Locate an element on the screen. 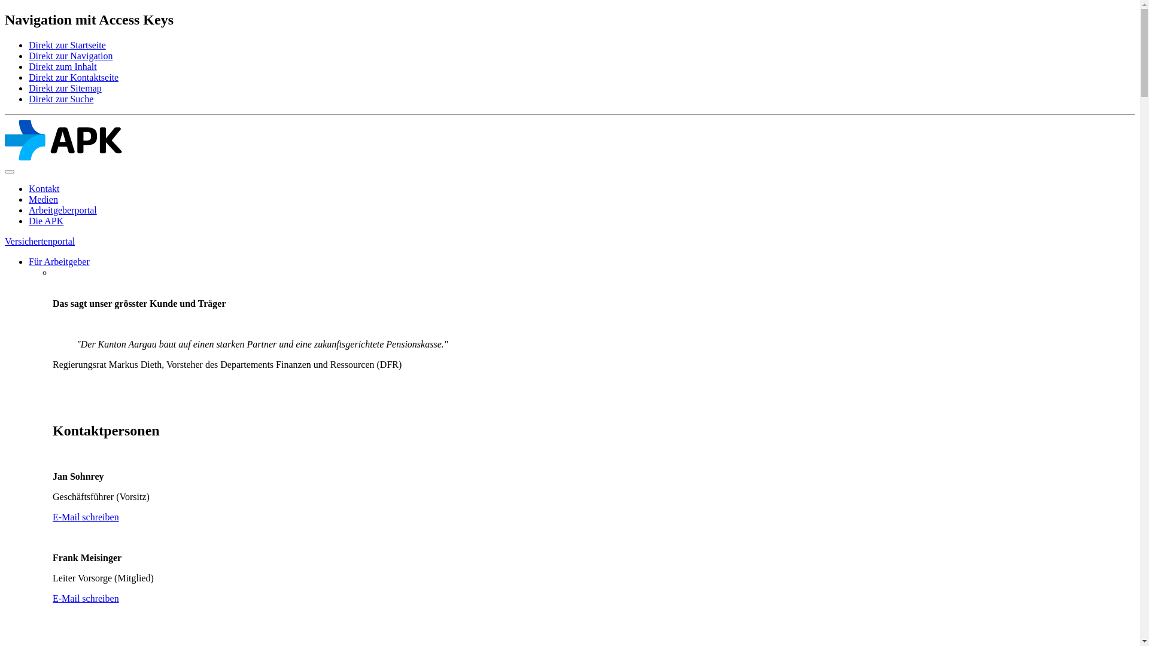 This screenshot has height=646, width=1149. 'E-Mail schreiben' is located at coordinates (85, 516).